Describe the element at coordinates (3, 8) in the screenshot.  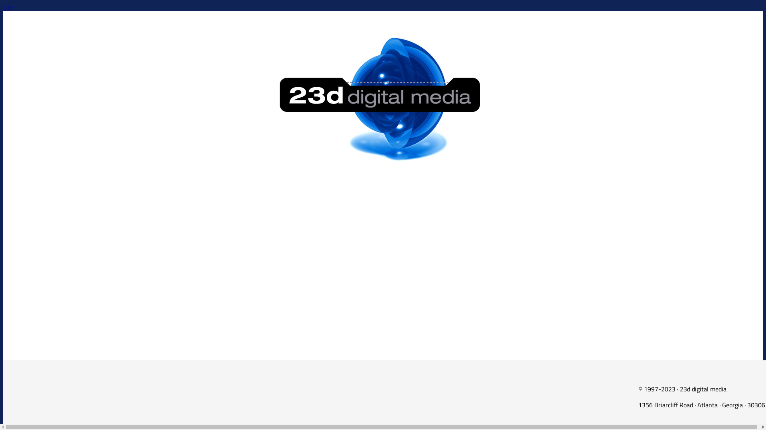
I see `'23d'` at that location.